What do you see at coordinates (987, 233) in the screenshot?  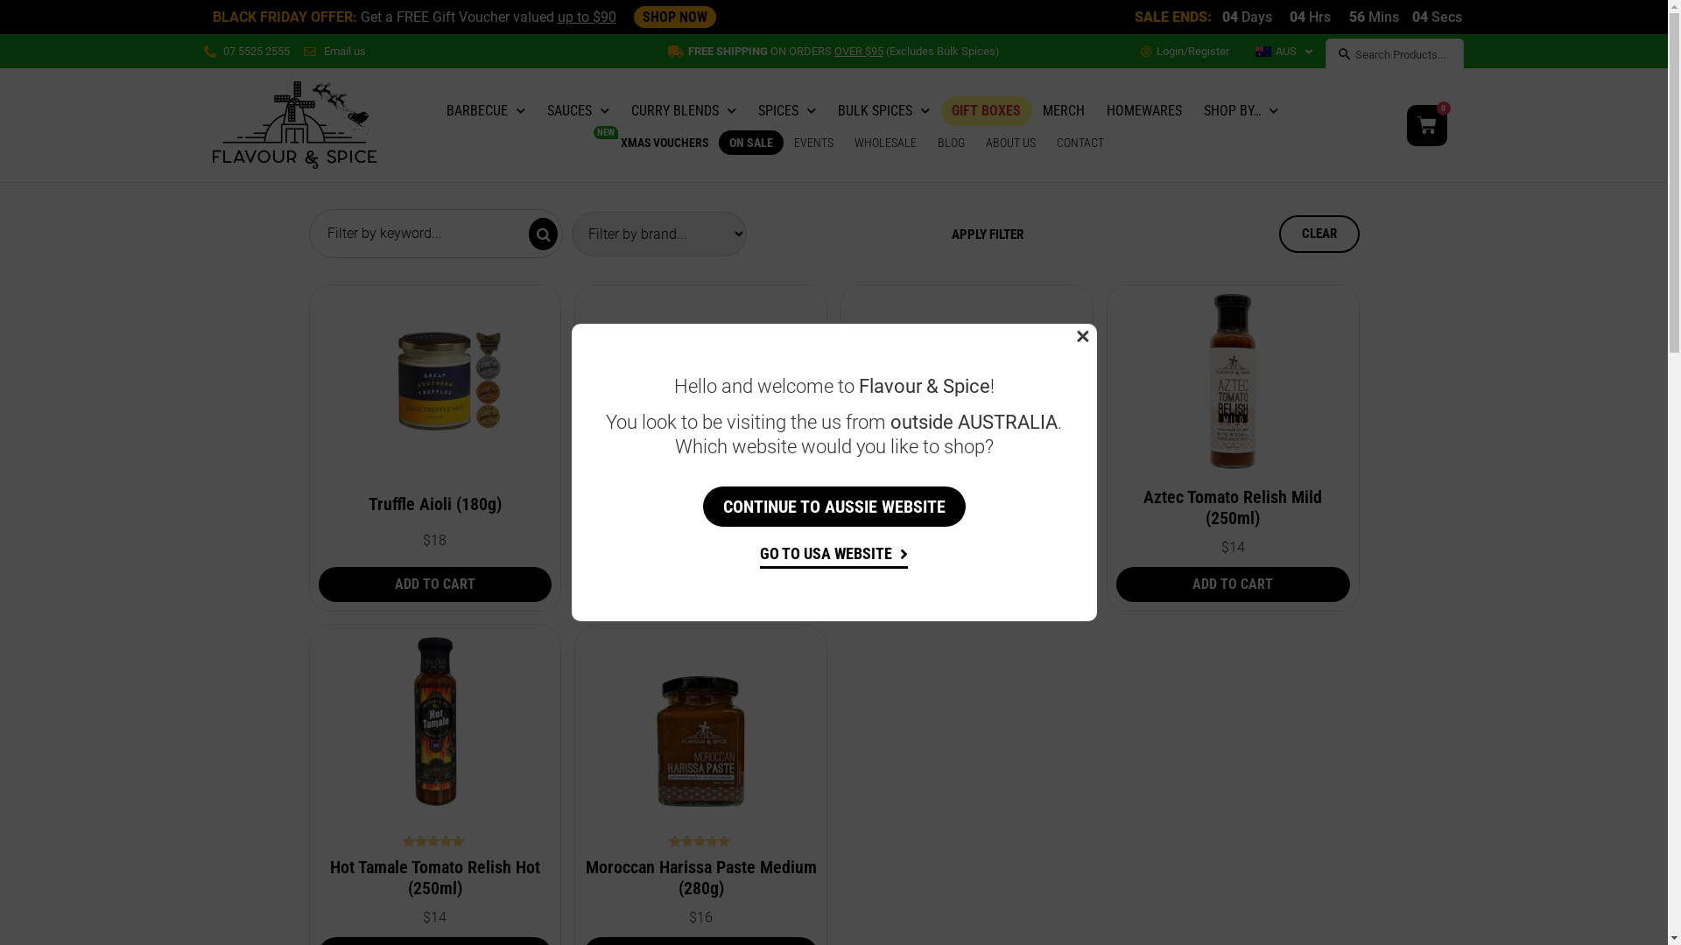 I see `'APPLY FILTER'` at bounding box center [987, 233].